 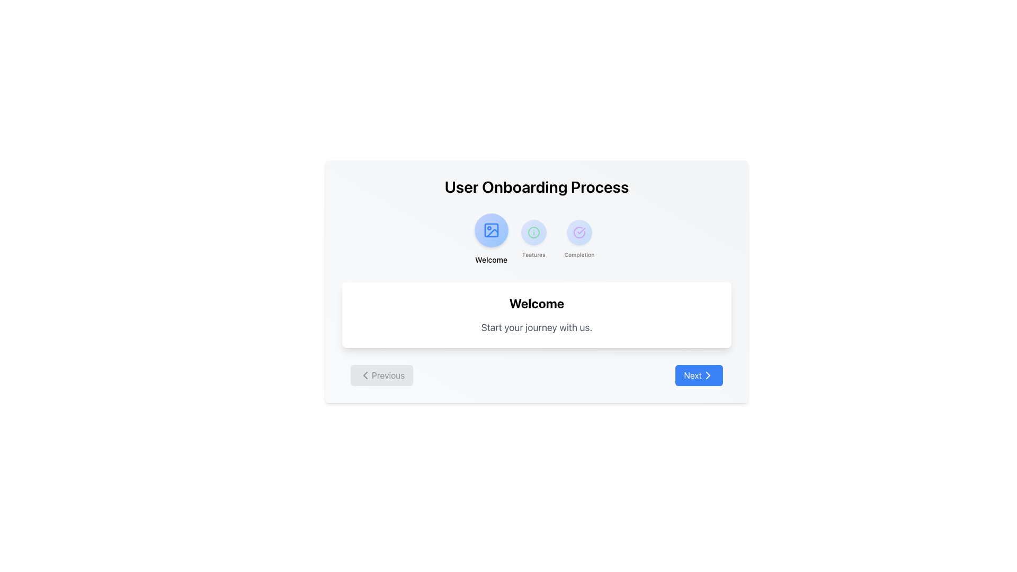 I want to click on the bold, large-sized text element reading 'Welcome' that is centrally located within a white, rounded-corner card with a subtle shadow, so click(x=537, y=303).